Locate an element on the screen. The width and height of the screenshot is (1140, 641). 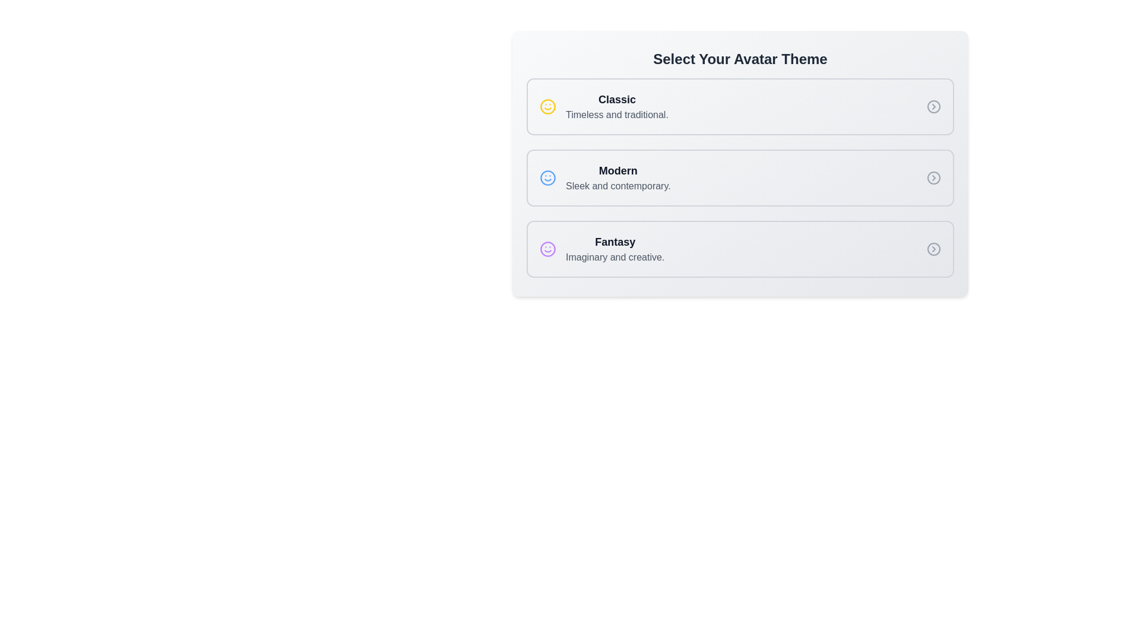
the graphical element that represents a facial feature in the 'Fantasy' themed icon, which is centrally located within the icon next to the label text is located at coordinates (547, 249).